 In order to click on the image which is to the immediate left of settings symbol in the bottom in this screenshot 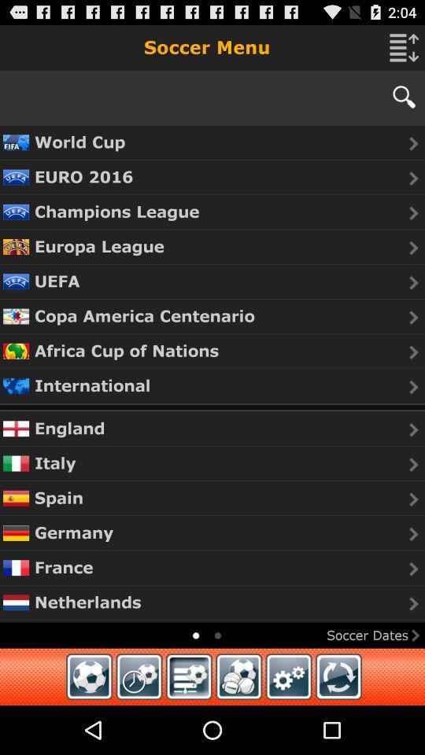, I will do `click(238, 676)`.